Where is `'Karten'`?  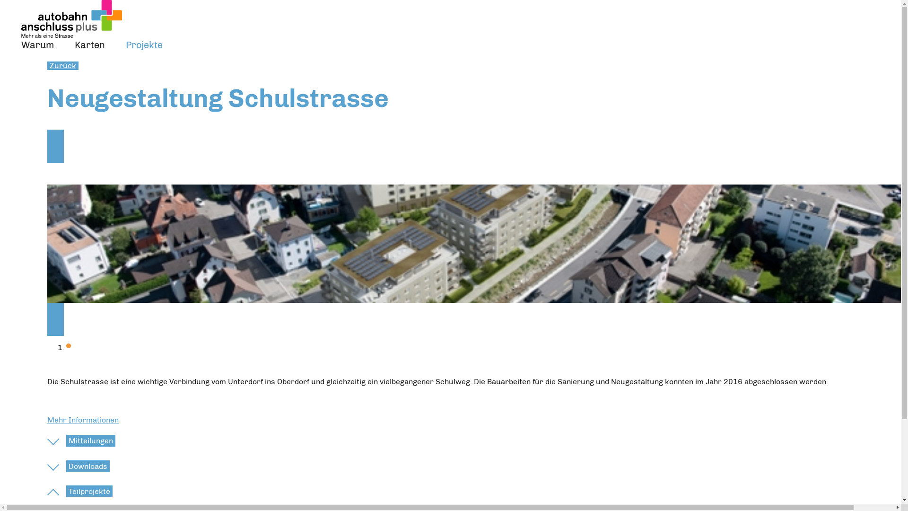
'Karten' is located at coordinates (90, 45).